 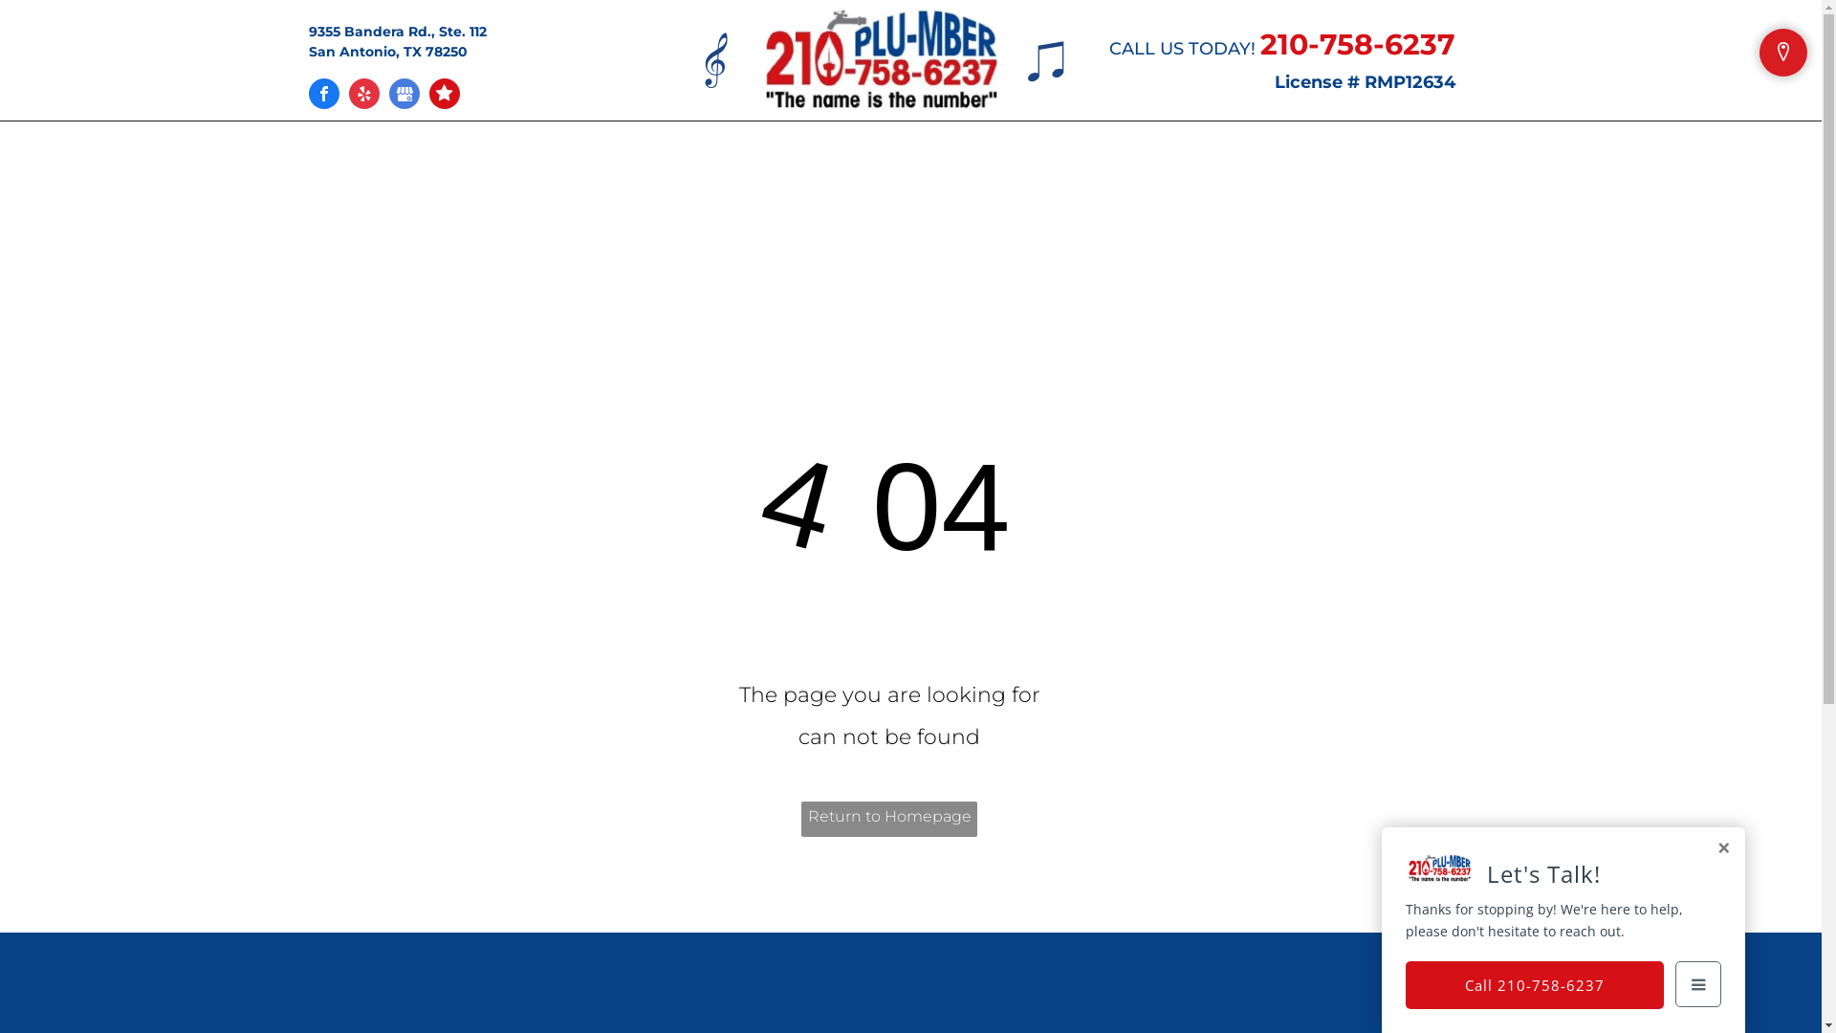 What do you see at coordinates (1534, 984) in the screenshot?
I see `'Call 210-758-6237'` at bounding box center [1534, 984].